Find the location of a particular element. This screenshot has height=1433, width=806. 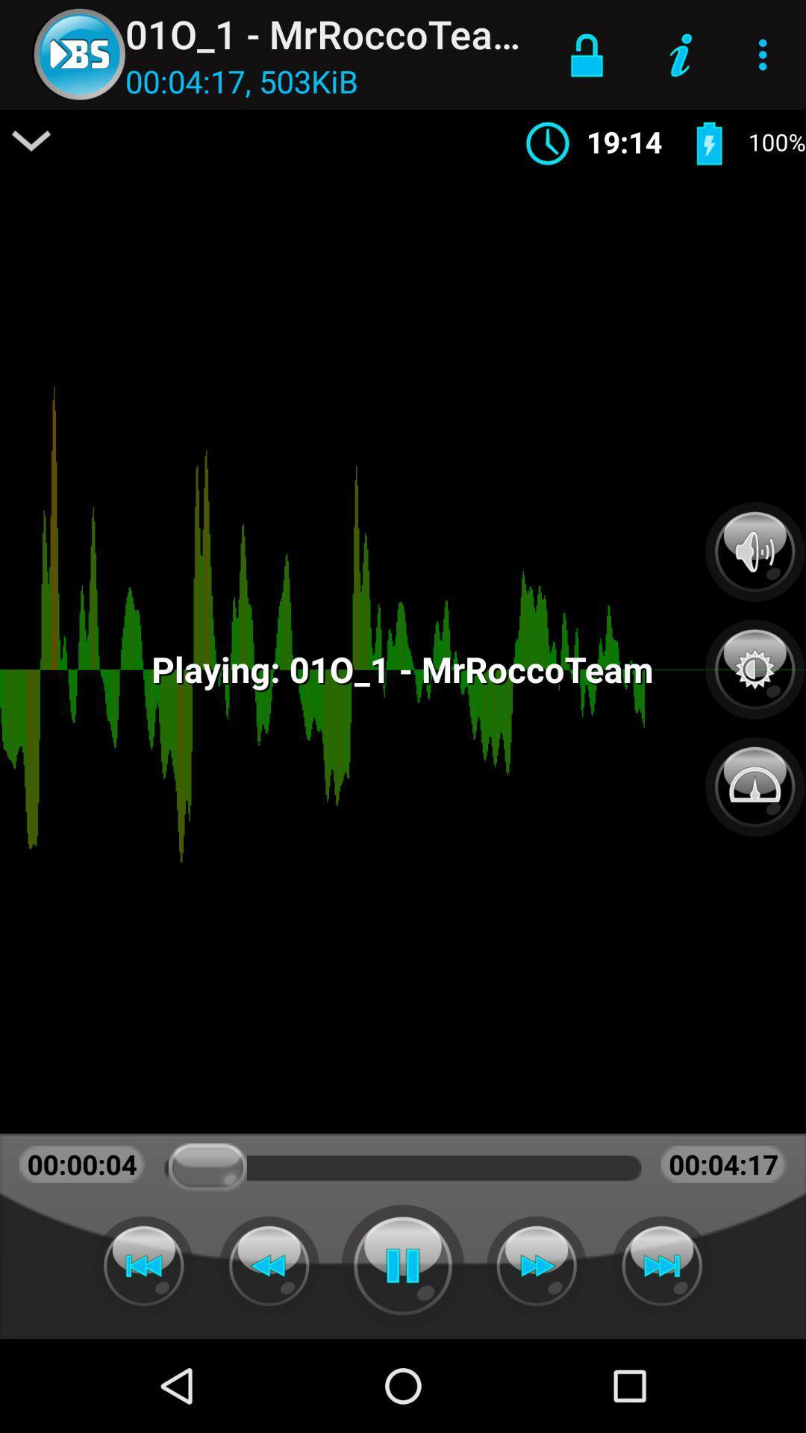

item above the 00:00:05 is located at coordinates (31, 140).